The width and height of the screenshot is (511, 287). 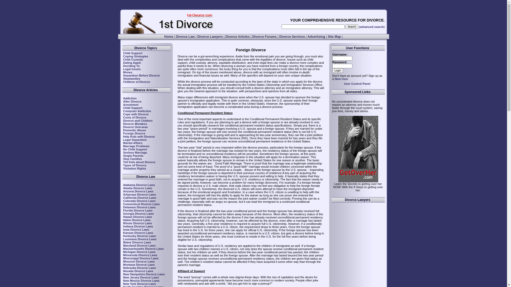 I want to click on 'Deciding To', so click(x=131, y=65).